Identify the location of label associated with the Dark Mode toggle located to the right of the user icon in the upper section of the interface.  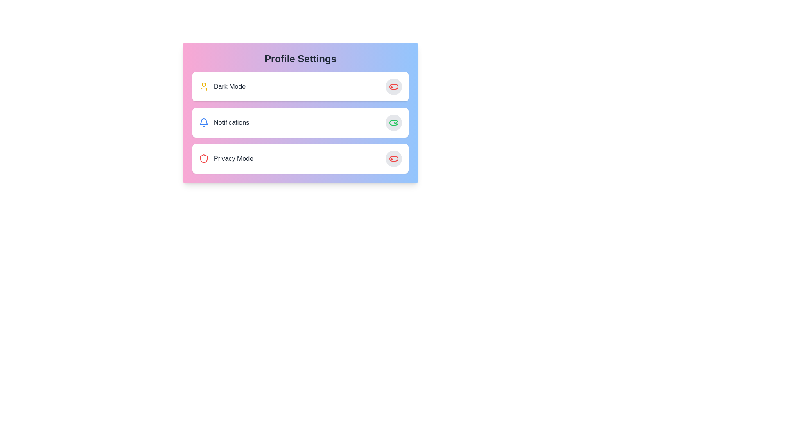
(229, 87).